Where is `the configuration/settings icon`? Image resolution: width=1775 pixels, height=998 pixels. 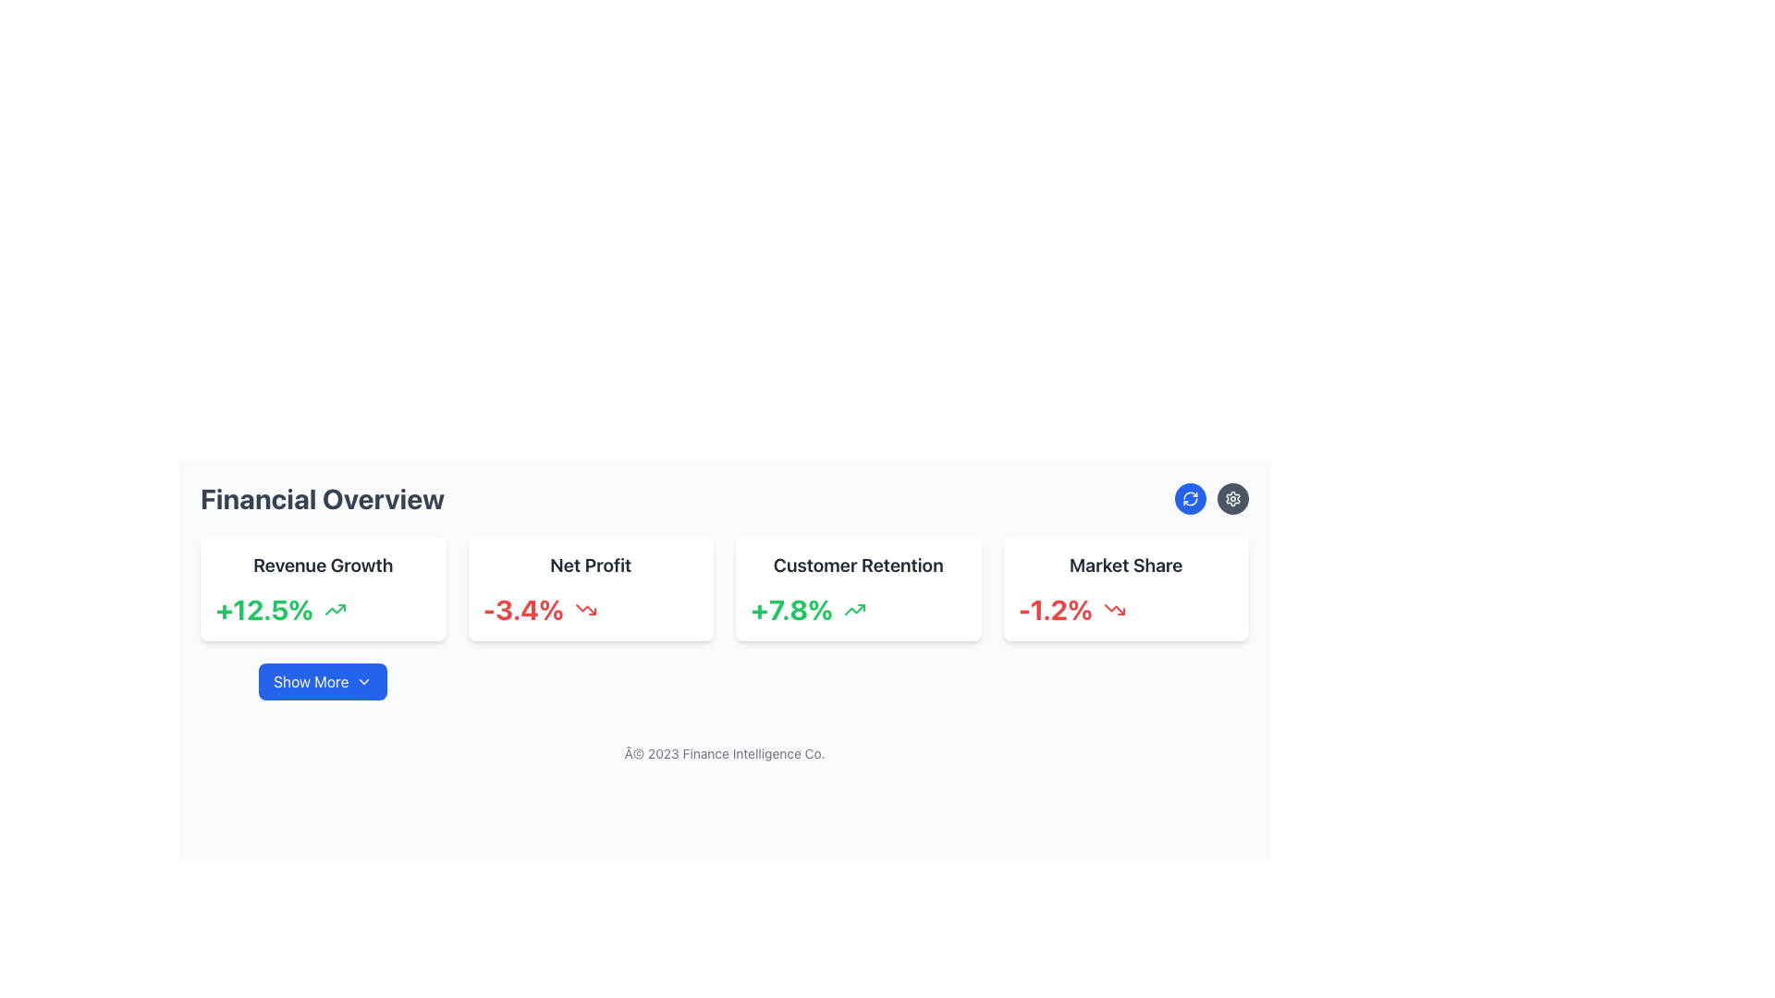 the configuration/settings icon is located at coordinates (1233, 499).